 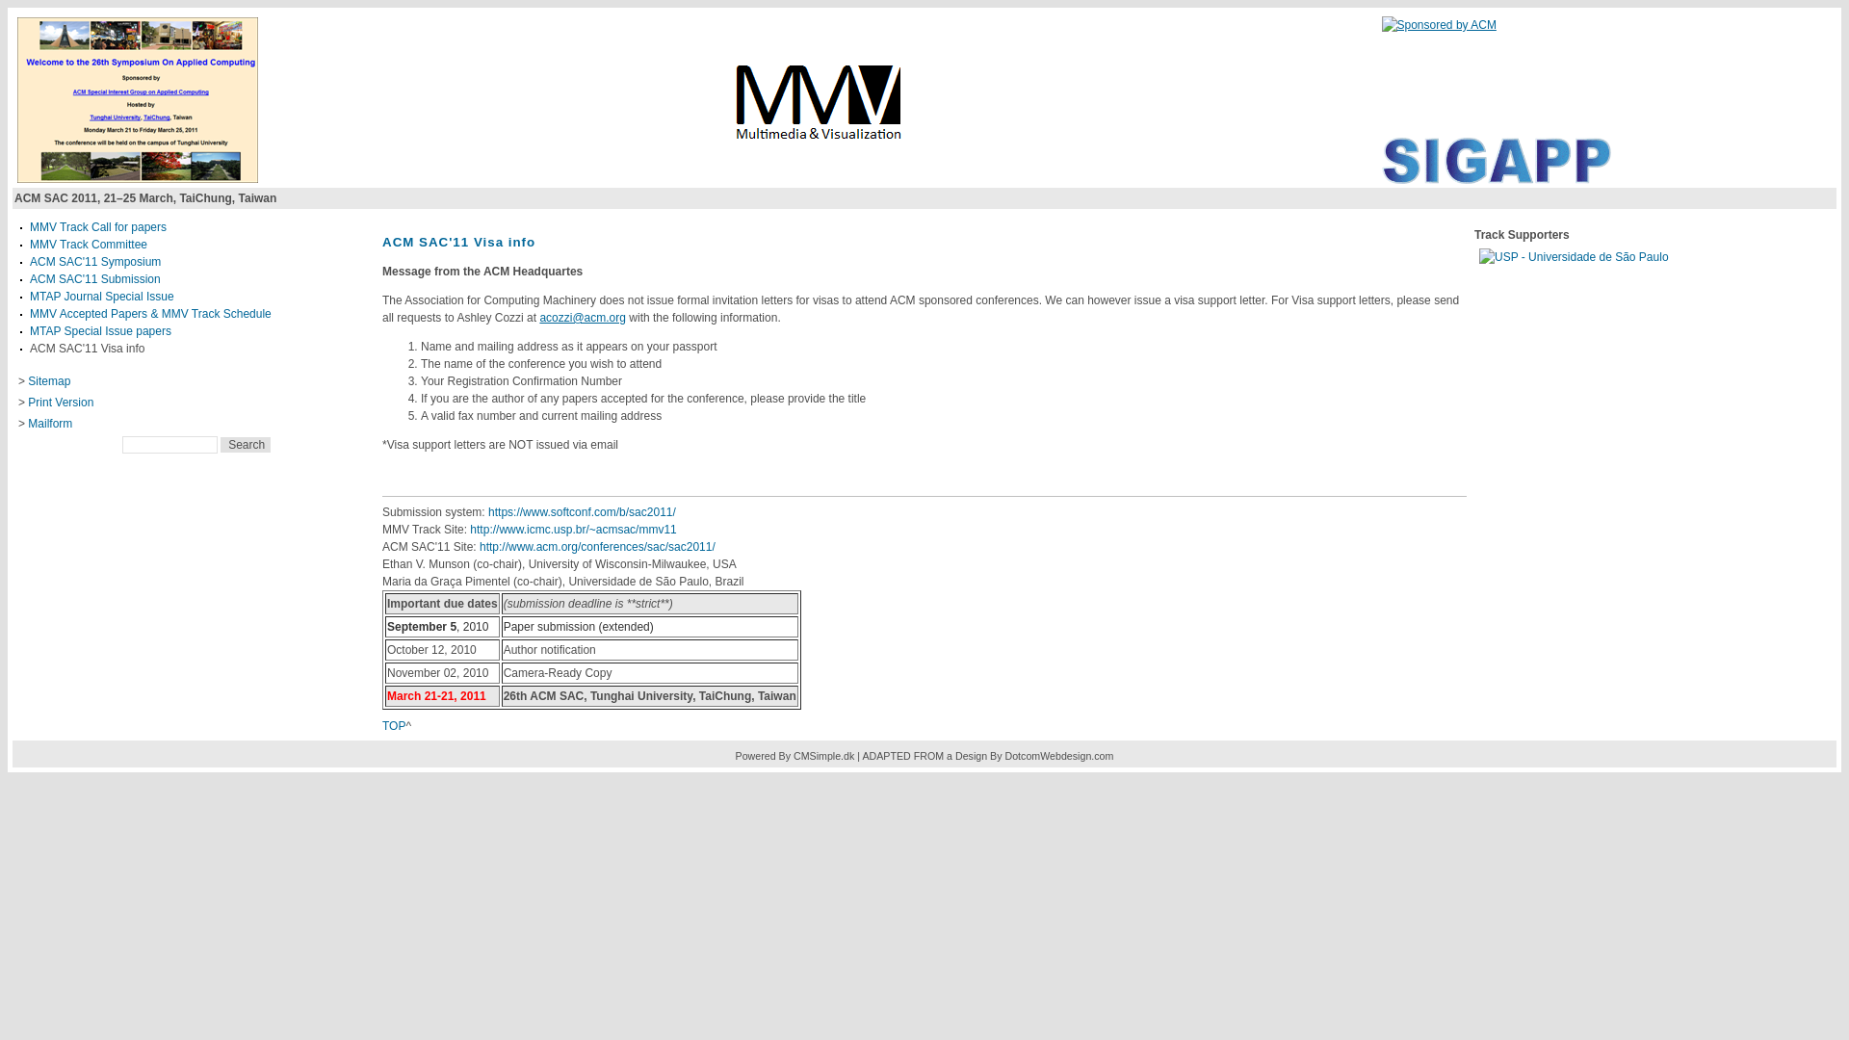 I want to click on 'Powered By CMSimple.dk', so click(x=794, y=755).